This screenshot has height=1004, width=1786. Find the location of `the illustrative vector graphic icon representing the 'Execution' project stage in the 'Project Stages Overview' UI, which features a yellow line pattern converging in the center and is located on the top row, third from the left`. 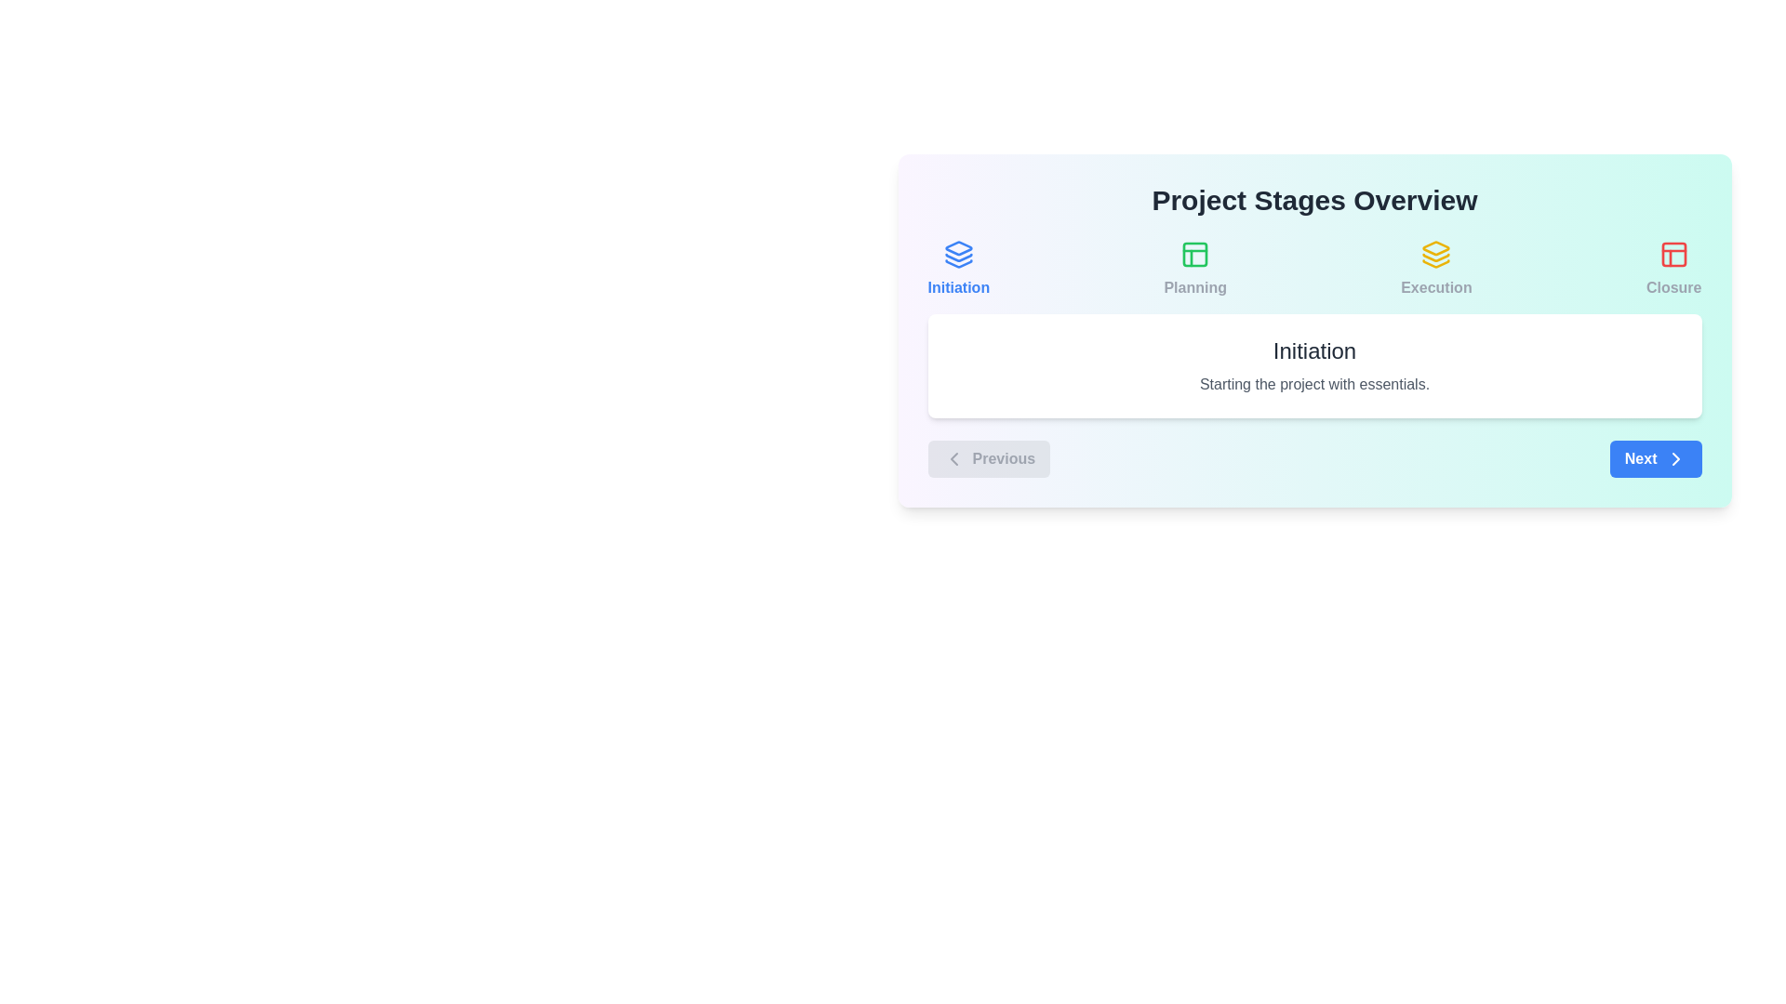

the illustrative vector graphic icon representing the 'Execution' project stage in the 'Project Stages Overview' UI, which features a yellow line pattern converging in the center and is located on the top row, third from the left is located at coordinates (1435, 264).